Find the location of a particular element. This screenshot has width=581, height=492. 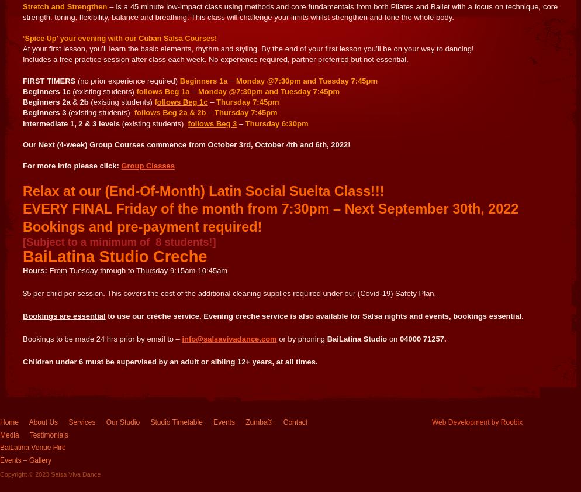

'2b' is located at coordinates (78, 101).